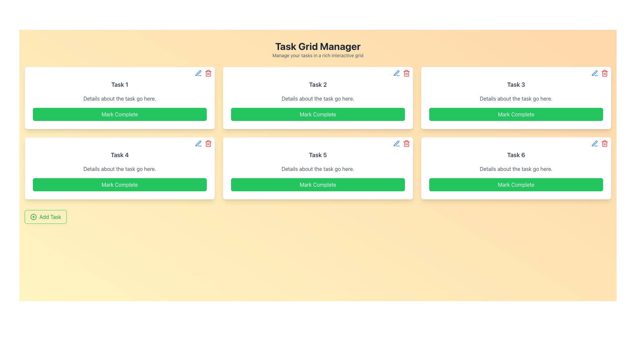 The width and height of the screenshot is (631, 355). Describe the element at coordinates (595, 73) in the screenshot. I see `the edit button for Task 3 located in the top-right corner of the task card` at that location.